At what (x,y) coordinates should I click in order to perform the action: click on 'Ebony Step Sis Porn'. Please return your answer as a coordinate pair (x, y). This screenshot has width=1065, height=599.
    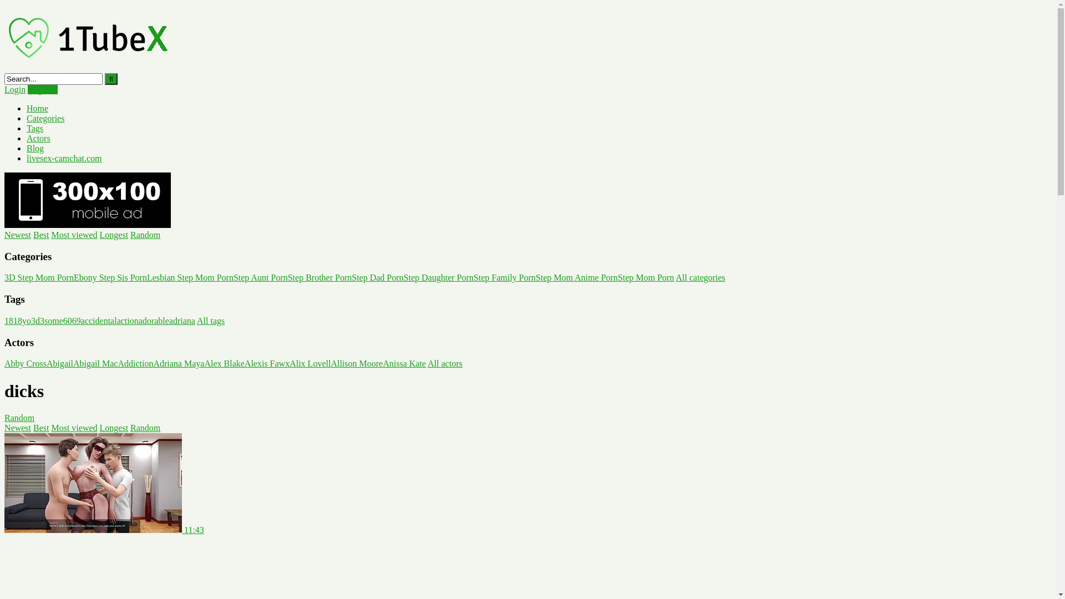
    Looking at the image, I should click on (110, 277).